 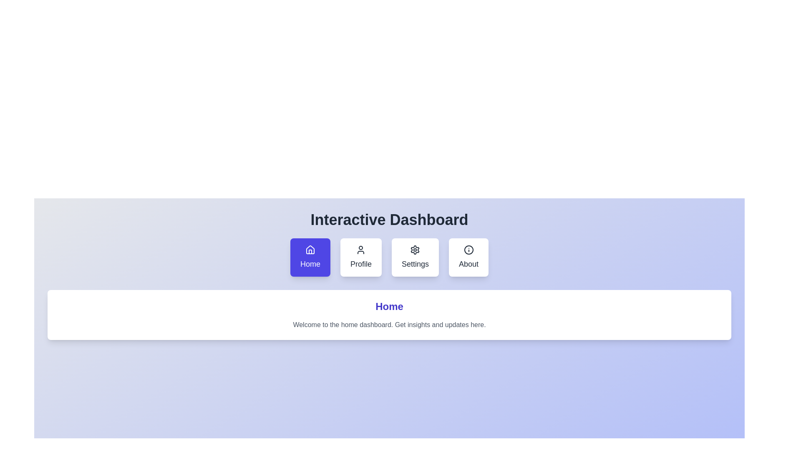 What do you see at coordinates (469, 257) in the screenshot?
I see `the 'About' button located at the bottom-right of the menu bar under the title 'Interactive Dashboard'` at bounding box center [469, 257].